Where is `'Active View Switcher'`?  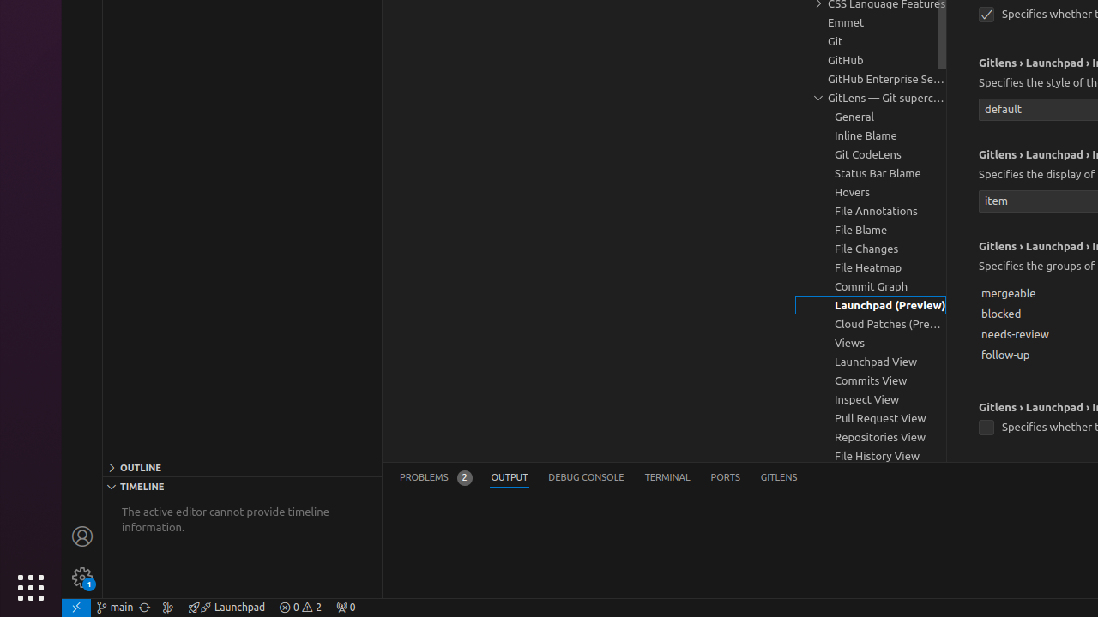 'Active View Switcher' is located at coordinates (598, 477).